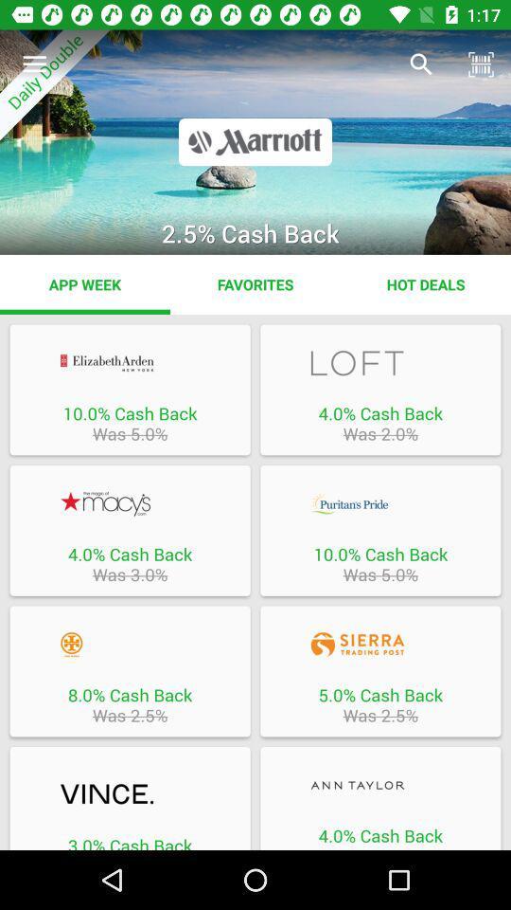  What do you see at coordinates (380, 645) in the screenshot?
I see `this deal` at bounding box center [380, 645].